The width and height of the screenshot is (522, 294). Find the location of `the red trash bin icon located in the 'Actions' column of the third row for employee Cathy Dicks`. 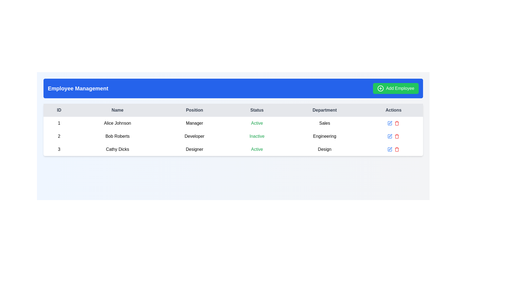

the red trash bin icon located in the 'Actions' column of the third row for employee Cathy Dicks is located at coordinates (397, 123).